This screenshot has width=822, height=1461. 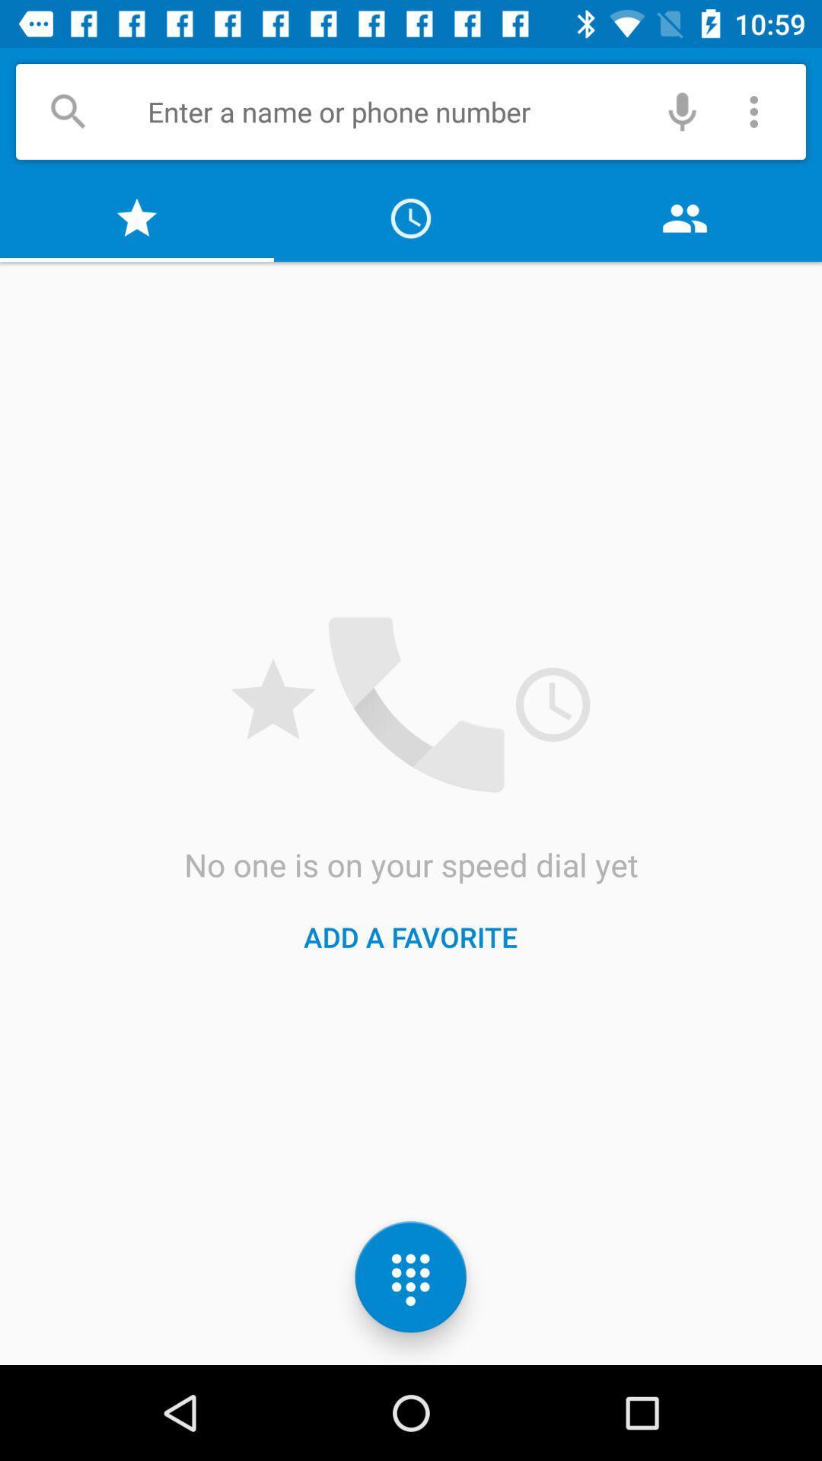 I want to click on the dialpad icon, so click(x=411, y=1277).